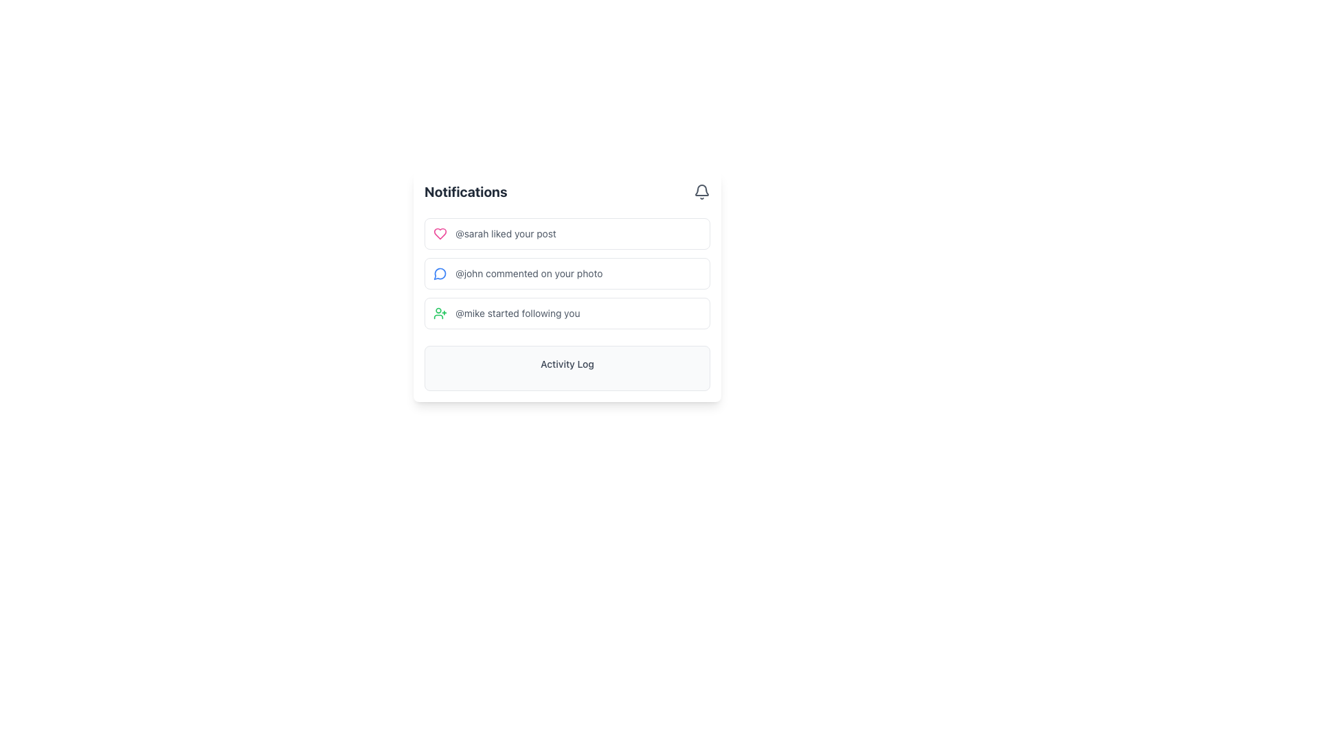 The height and width of the screenshot is (741, 1319). Describe the element at coordinates (440, 233) in the screenshot. I see `the heart-shaped icon, which is outlined and filled with pink color, located to the left of the text '@sarah liked your post' within the notification card` at that location.